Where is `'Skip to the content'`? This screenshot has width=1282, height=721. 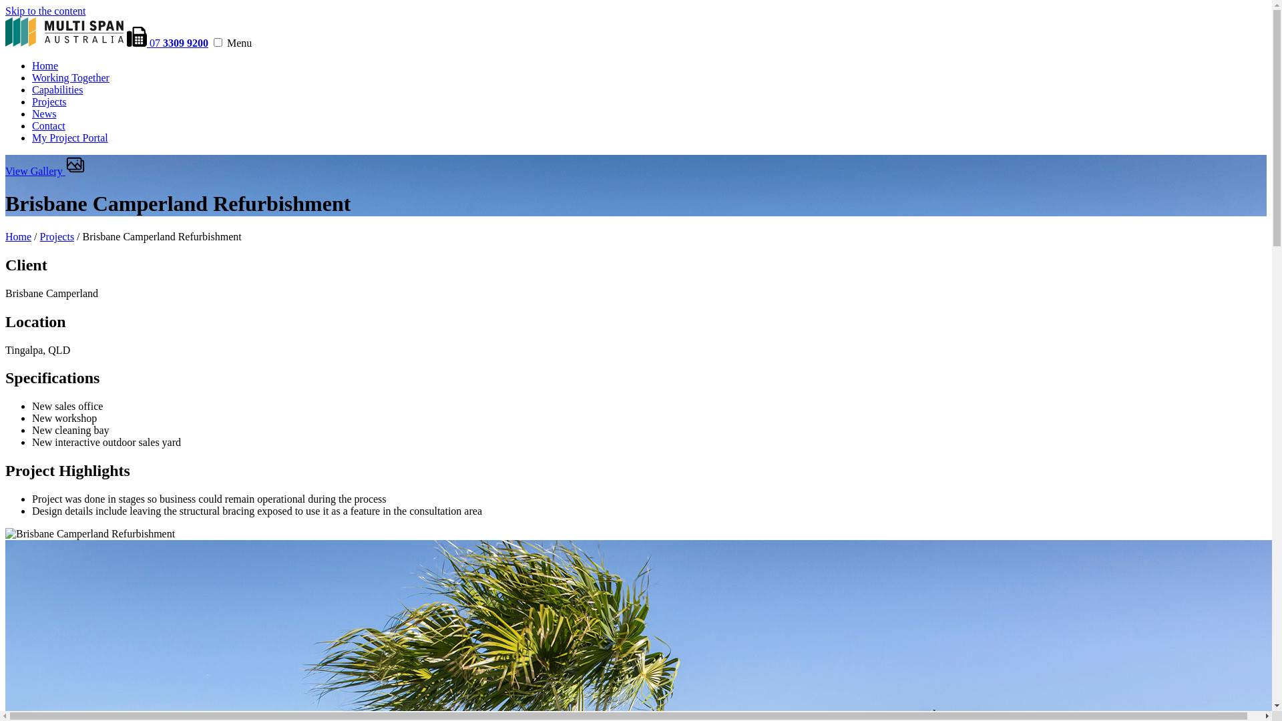
'Skip to the content' is located at coordinates (45, 11).